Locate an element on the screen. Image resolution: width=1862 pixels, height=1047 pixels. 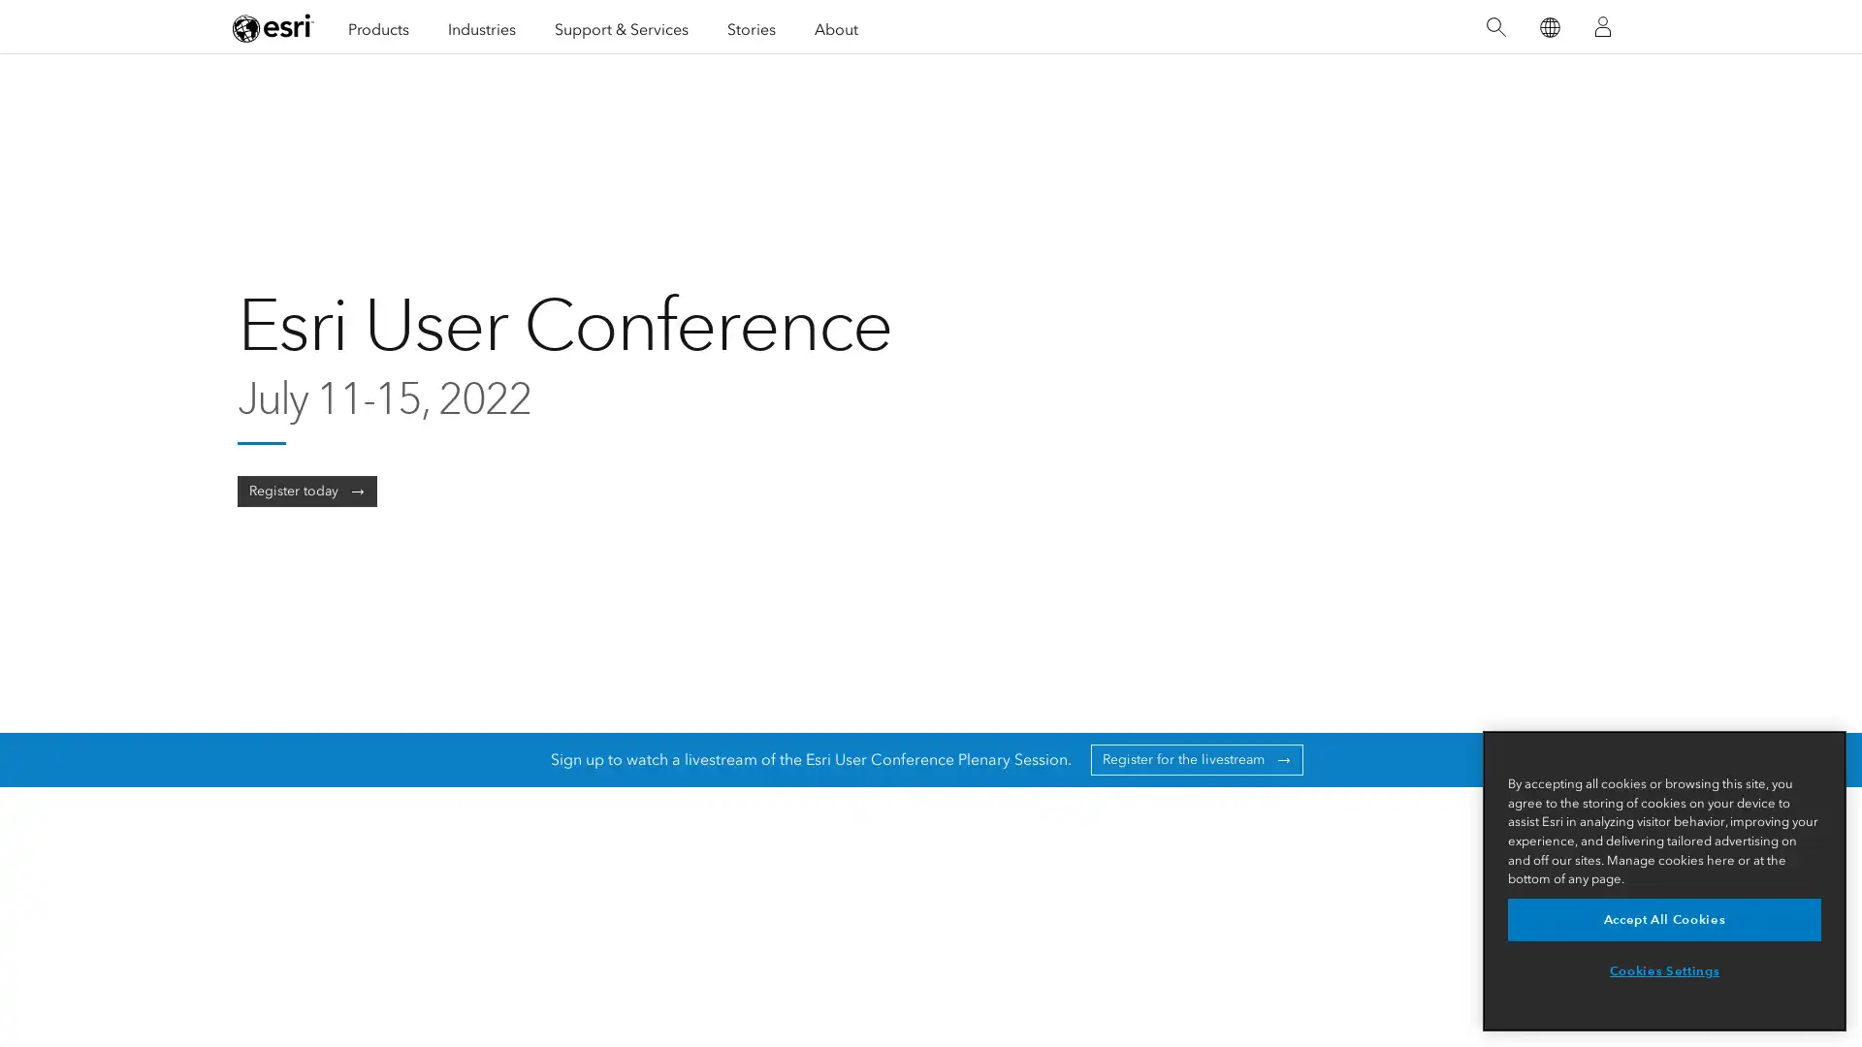
Industries is located at coordinates (482, 26).